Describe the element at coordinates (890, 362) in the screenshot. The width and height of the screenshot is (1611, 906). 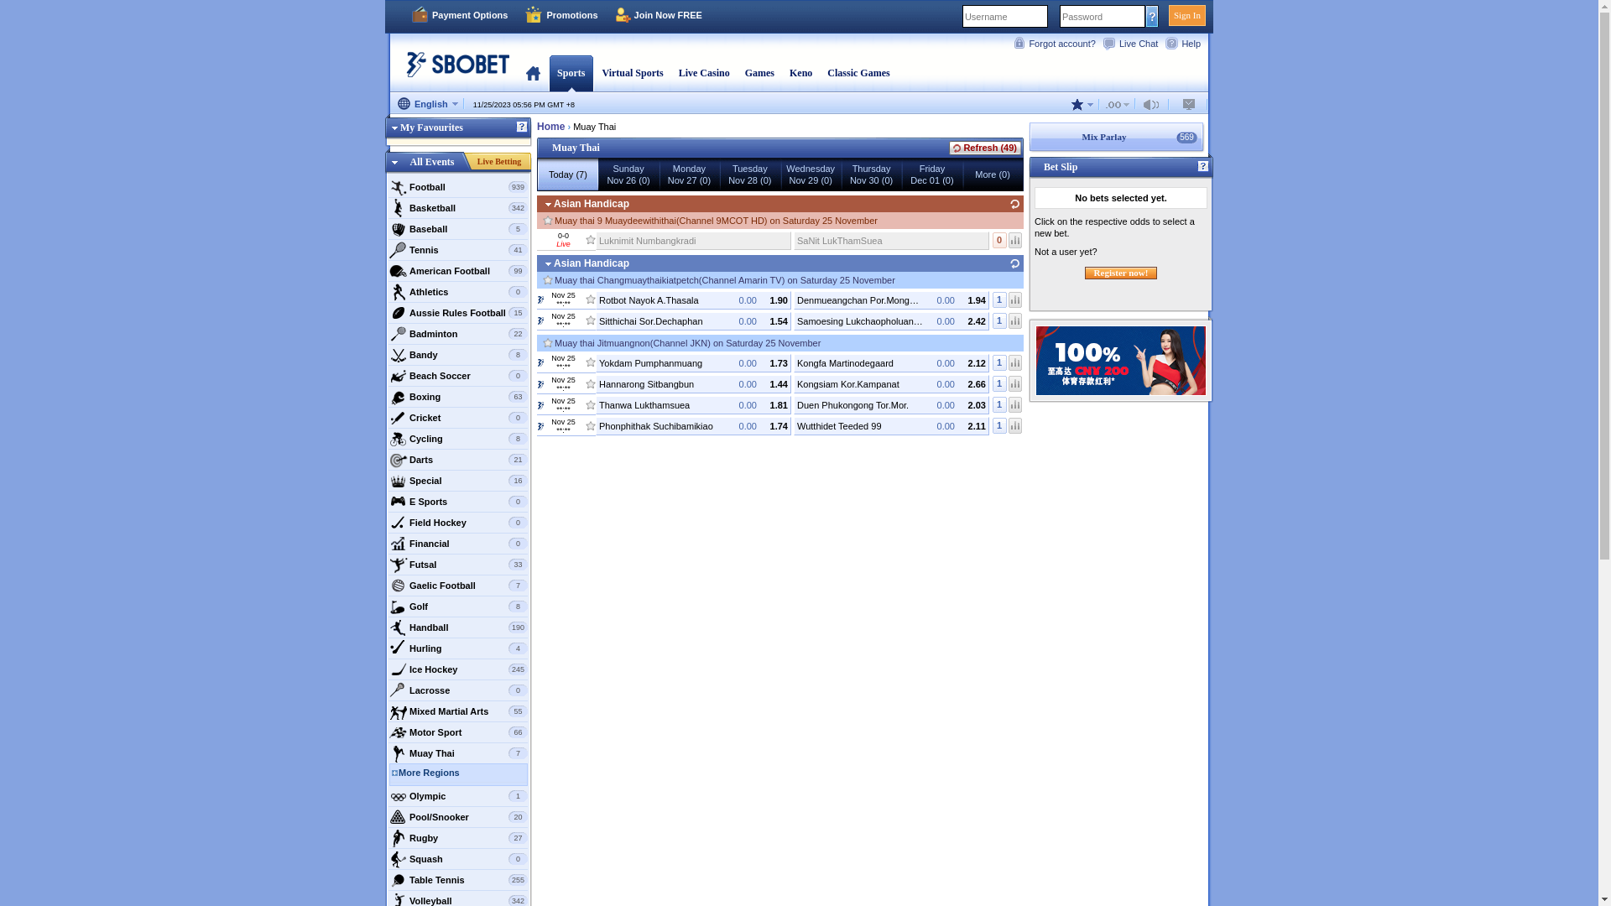
I see `'2.12` at that location.